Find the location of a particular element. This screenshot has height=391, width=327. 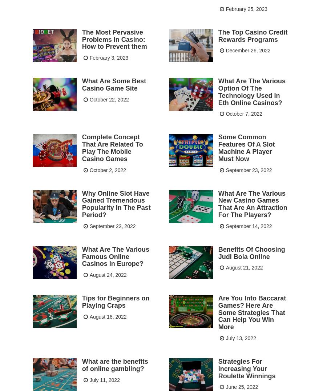

'What are the benefits of online gambling?' is located at coordinates (114, 364).